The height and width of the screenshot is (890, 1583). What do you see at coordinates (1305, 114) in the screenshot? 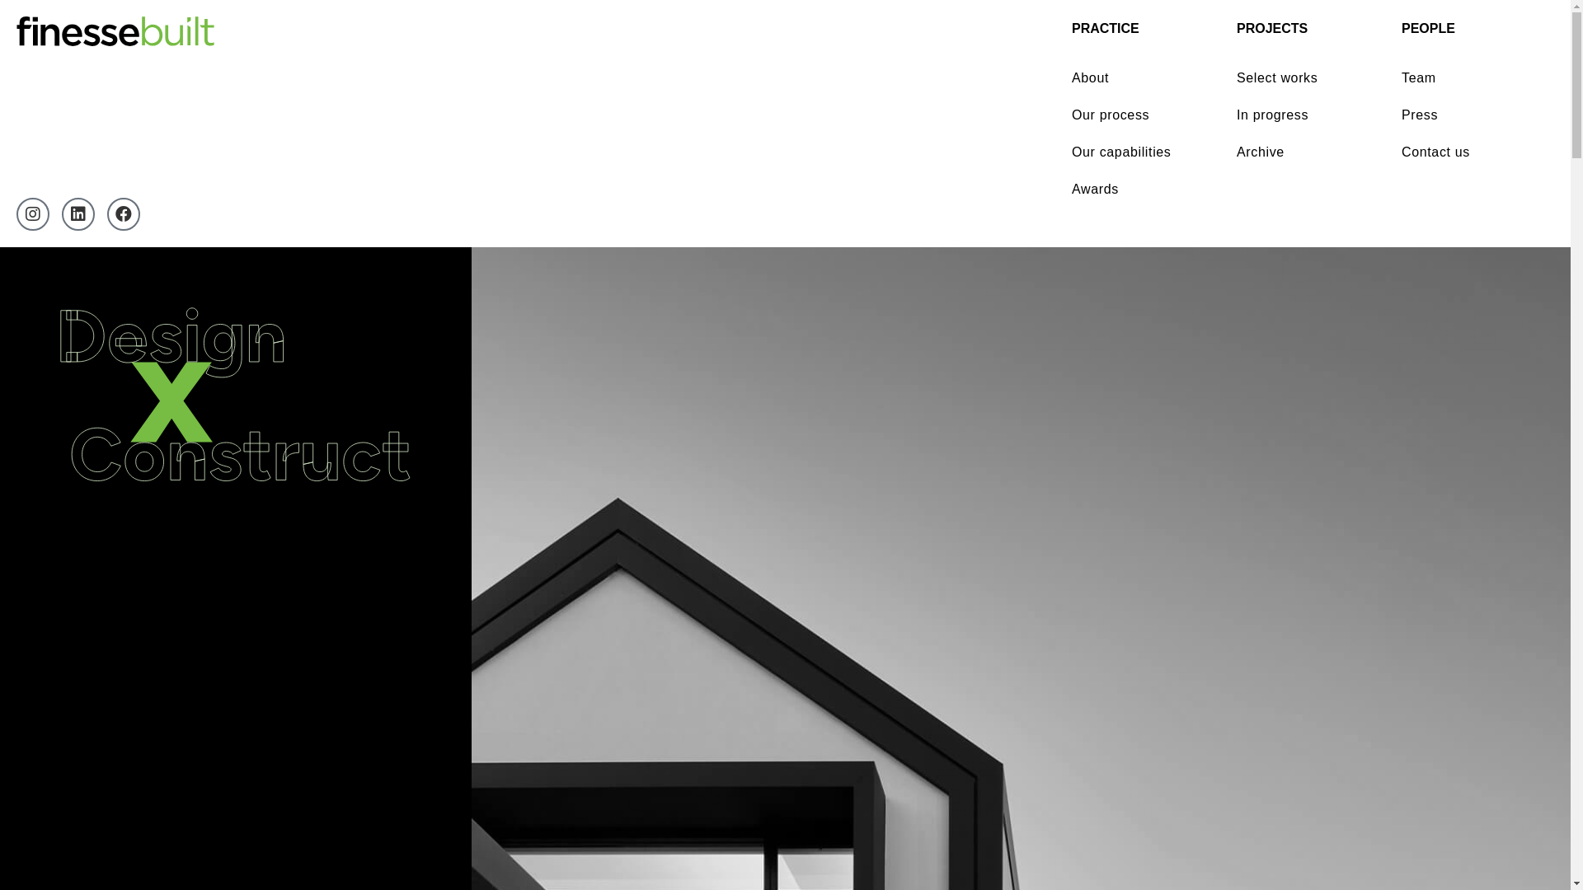
I see `'In progress'` at bounding box center [1305, 114].